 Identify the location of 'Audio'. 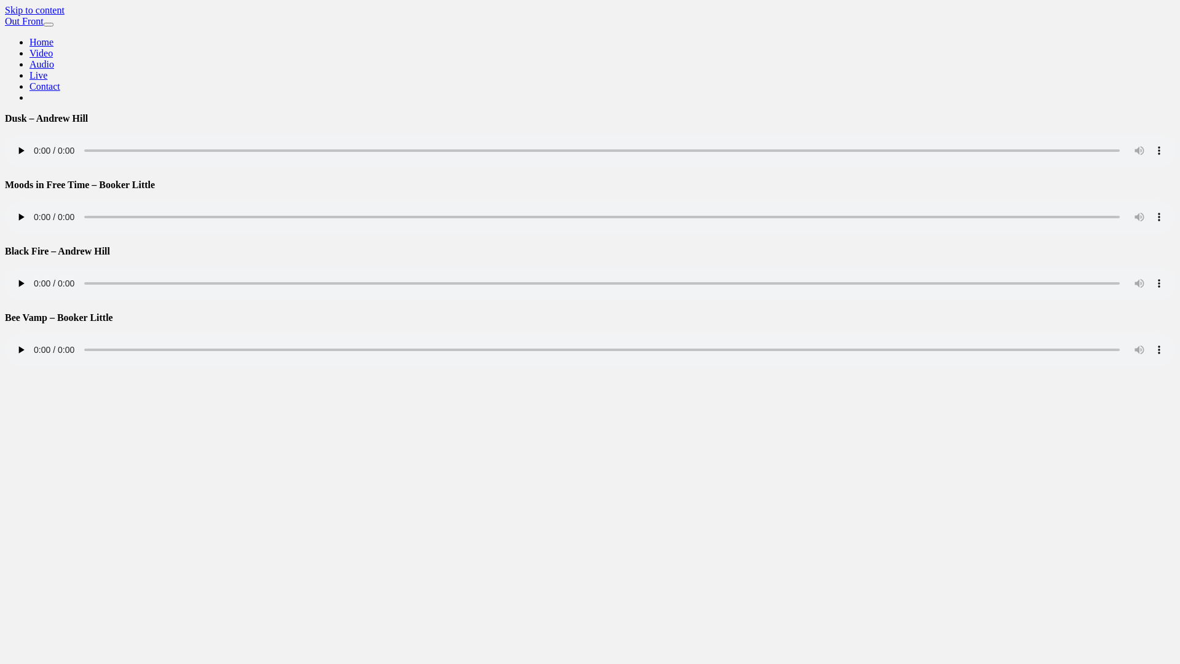
(41, 64).